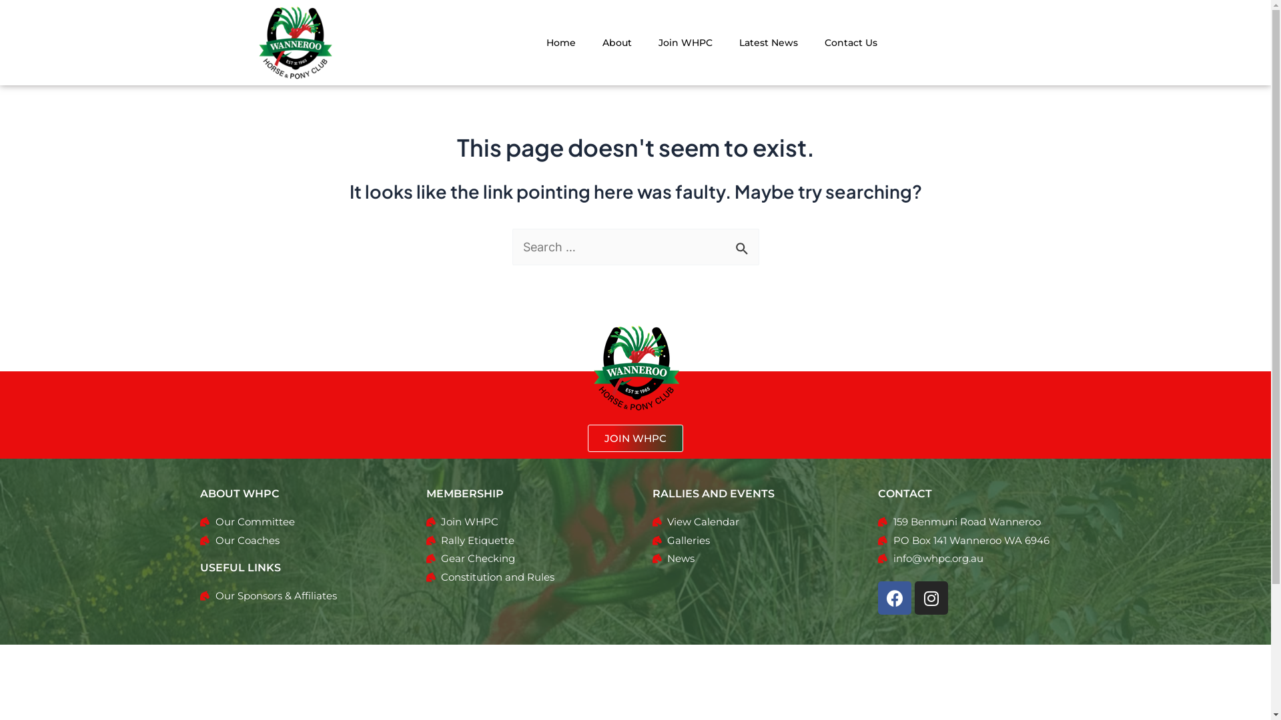  Describe the element at coordinates (522, 540) in the screenshot. I see `'Rally Etiquette'` at that location.